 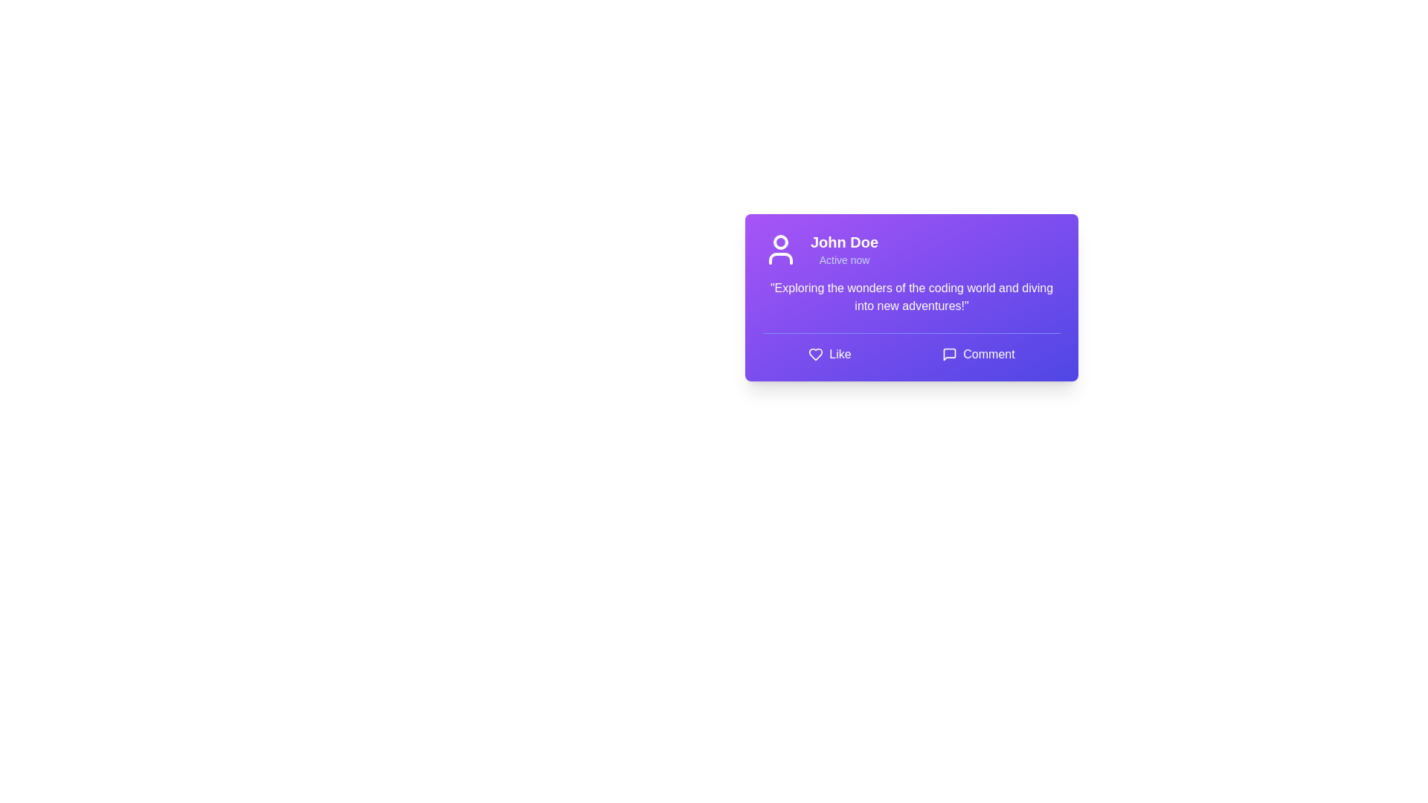 I want to click on status information from the text label that reads 'Active now', which is displayed in a small font size on a dark purple background, positioned below 'John Doe', so click(x=844, y=259).